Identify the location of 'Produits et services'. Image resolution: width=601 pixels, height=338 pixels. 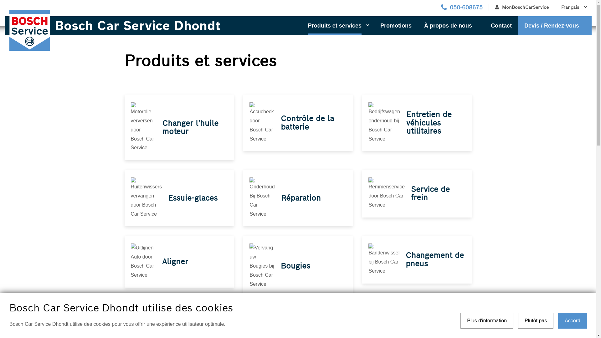
(337, 25).